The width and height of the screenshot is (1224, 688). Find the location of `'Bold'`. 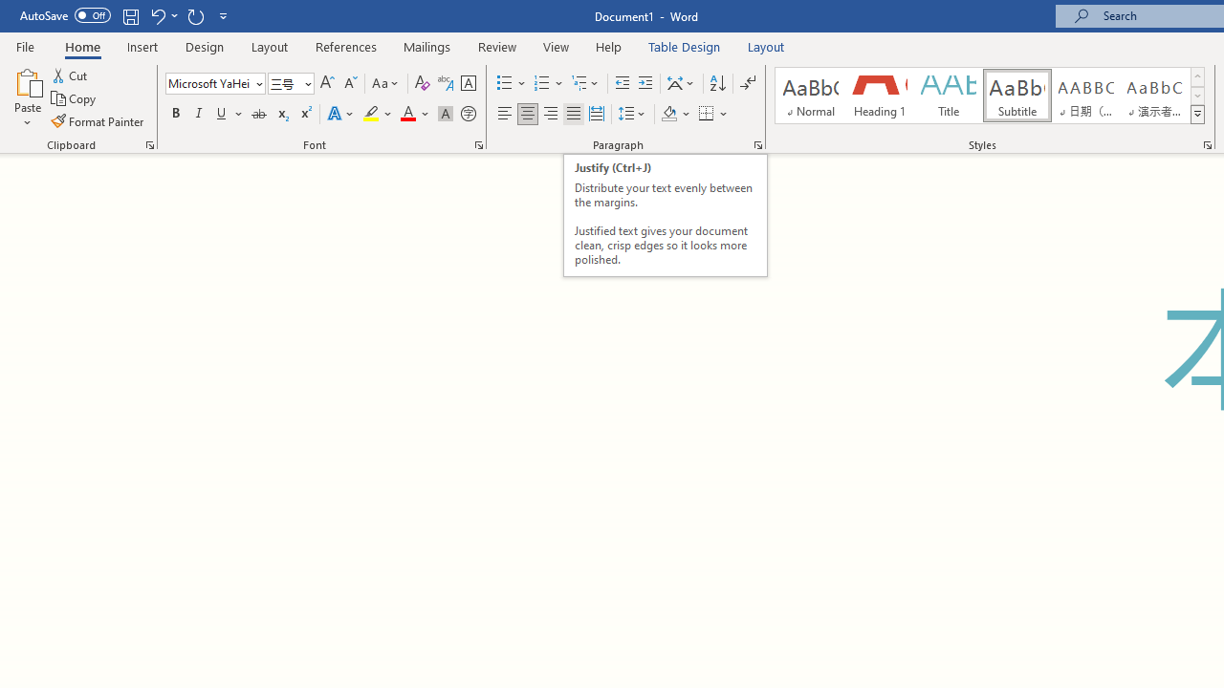

'Bold' is located at coordinates (175, 114).